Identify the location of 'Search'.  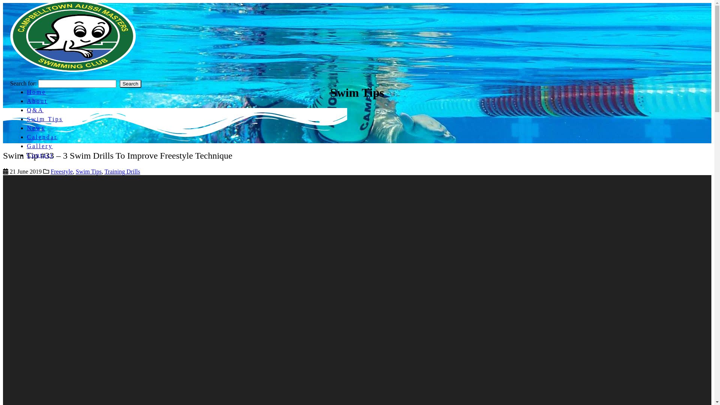
(119, 84).